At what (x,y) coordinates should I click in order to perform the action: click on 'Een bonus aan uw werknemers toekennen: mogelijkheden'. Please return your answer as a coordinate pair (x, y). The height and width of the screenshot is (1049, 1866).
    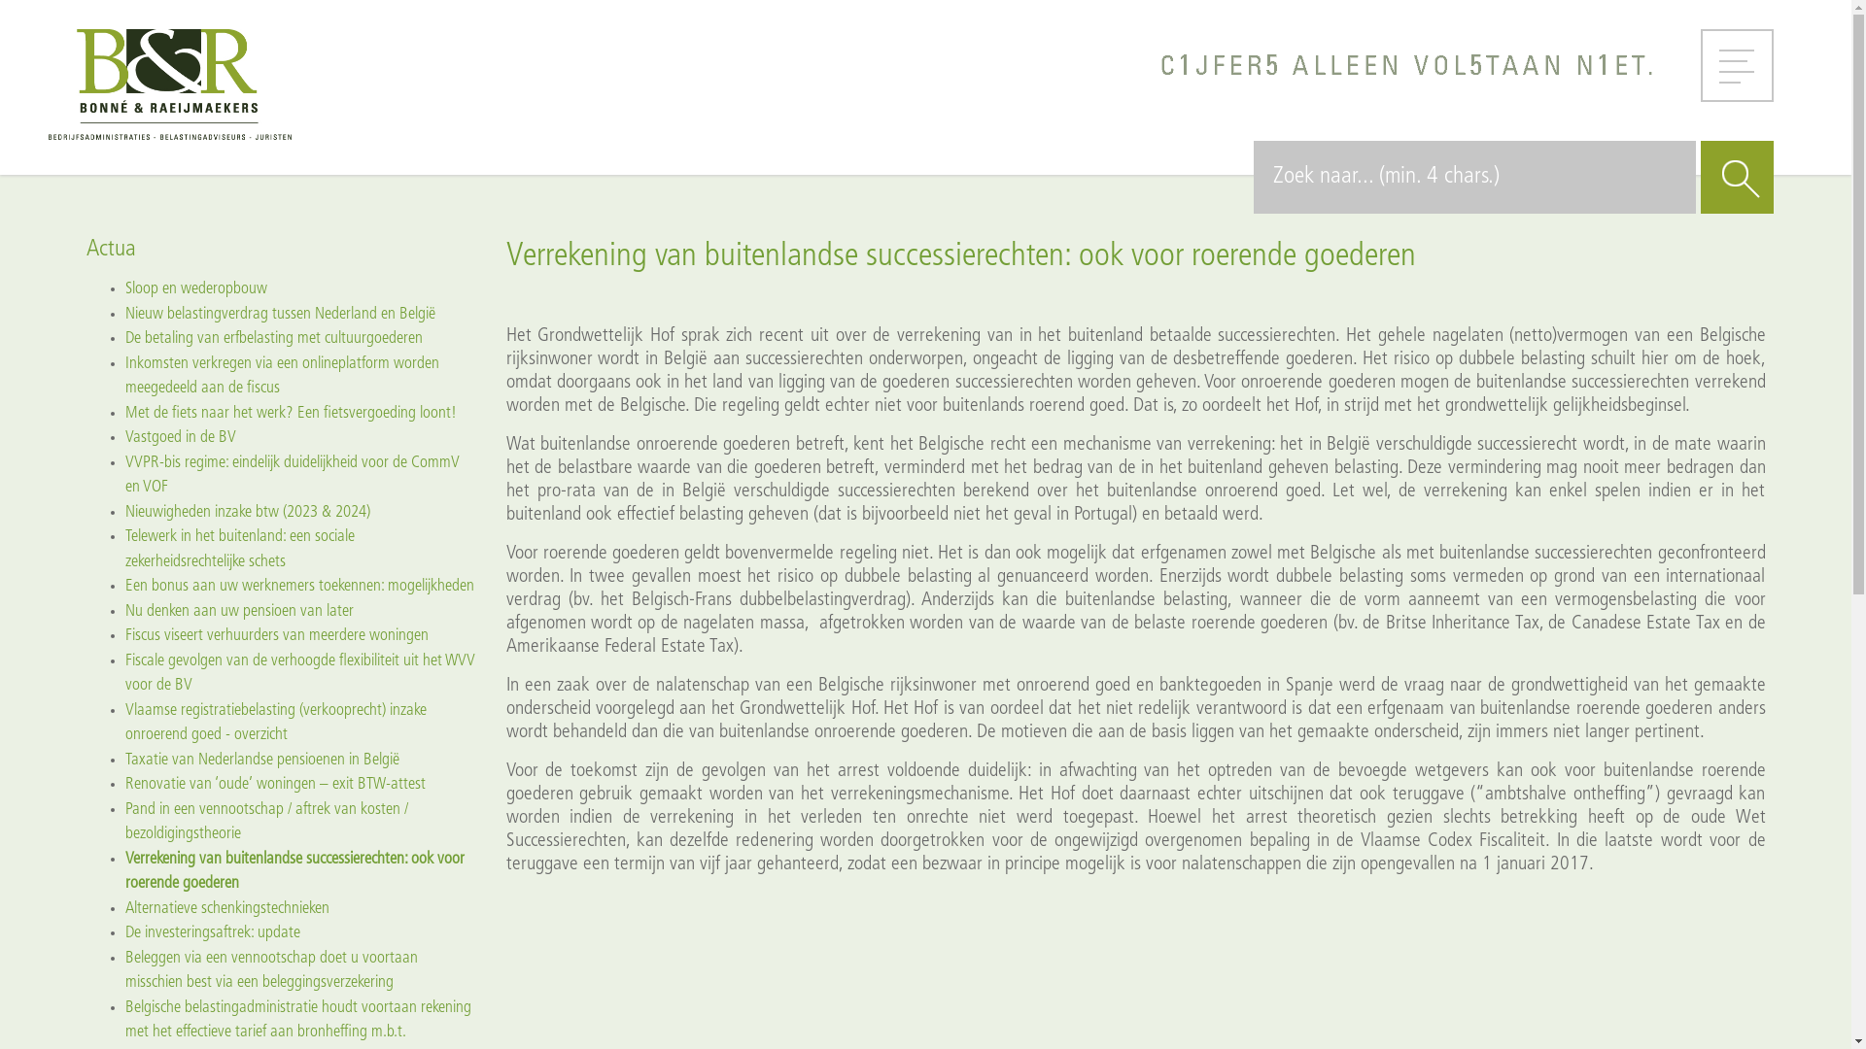
    Looking at the image, I should click on (297, 585).